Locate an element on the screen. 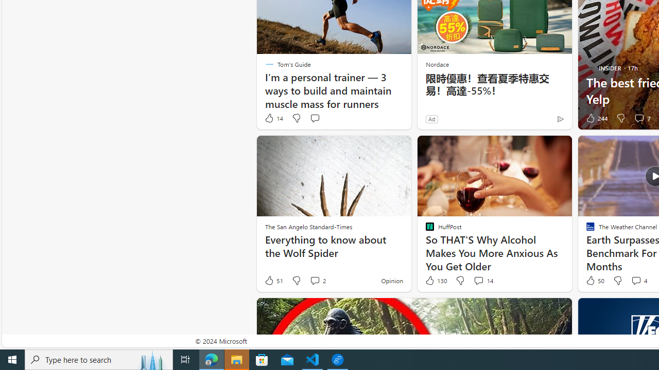  'View comments 14 Comment' is located at coordinates (478, 280).